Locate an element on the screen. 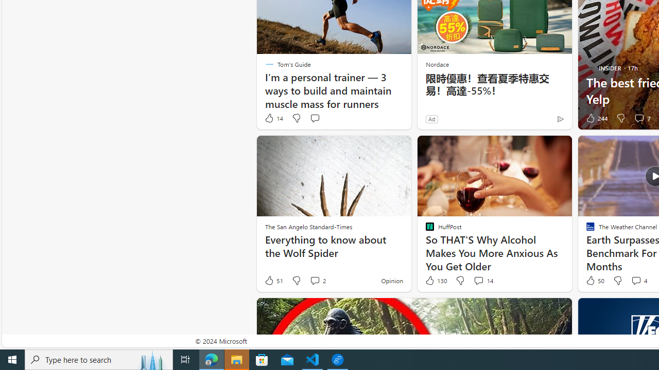  'View comments 14 Comment' is located at coordinates (478, 280).